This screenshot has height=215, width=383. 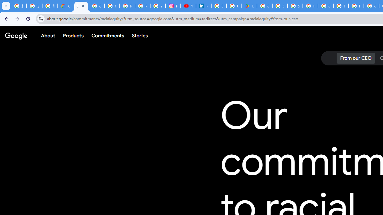 What do you see at coordinates (188, 6) in the screenshot?
I see `'YouTube Culture & Trends - On The Rise: Handcam Videos'` at bounding box center [188, 6].